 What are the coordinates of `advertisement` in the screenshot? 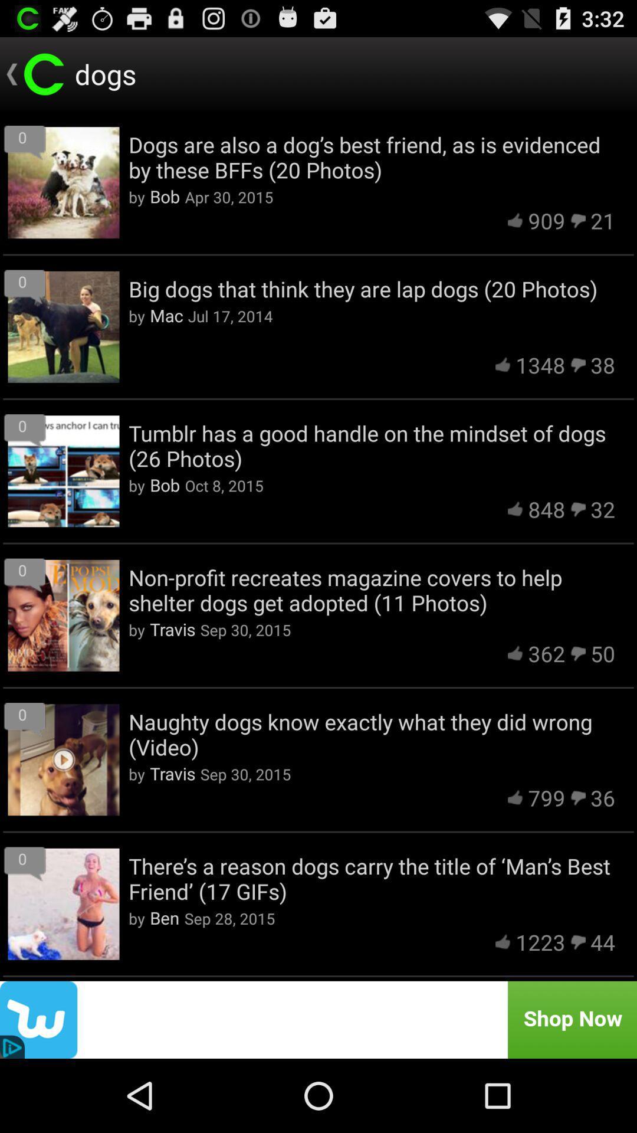 It's located at (318, 1019).